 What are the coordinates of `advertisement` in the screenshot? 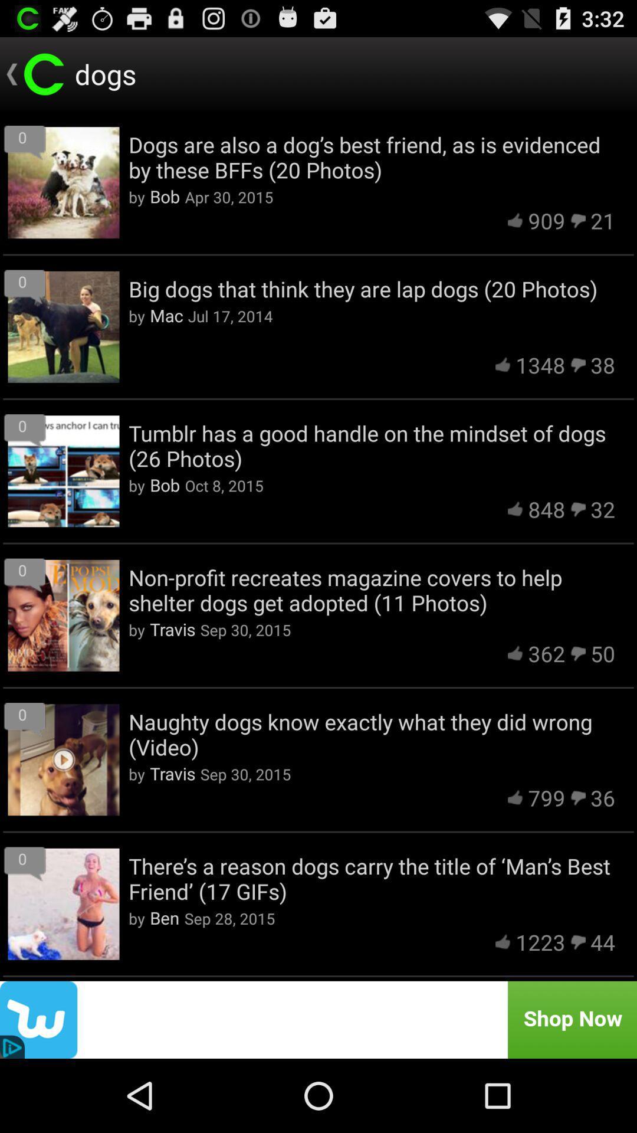 It's located at (318, 1019).